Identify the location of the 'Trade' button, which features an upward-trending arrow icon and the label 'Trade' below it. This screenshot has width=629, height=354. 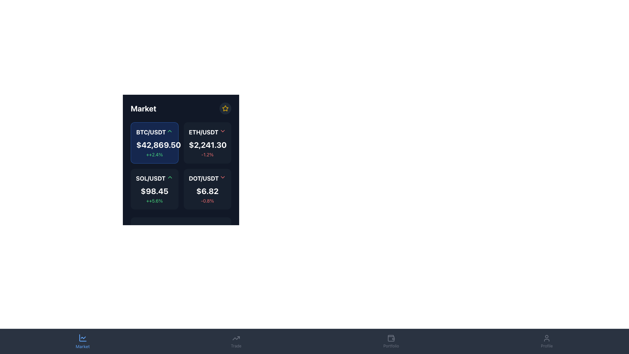
(236, 341).